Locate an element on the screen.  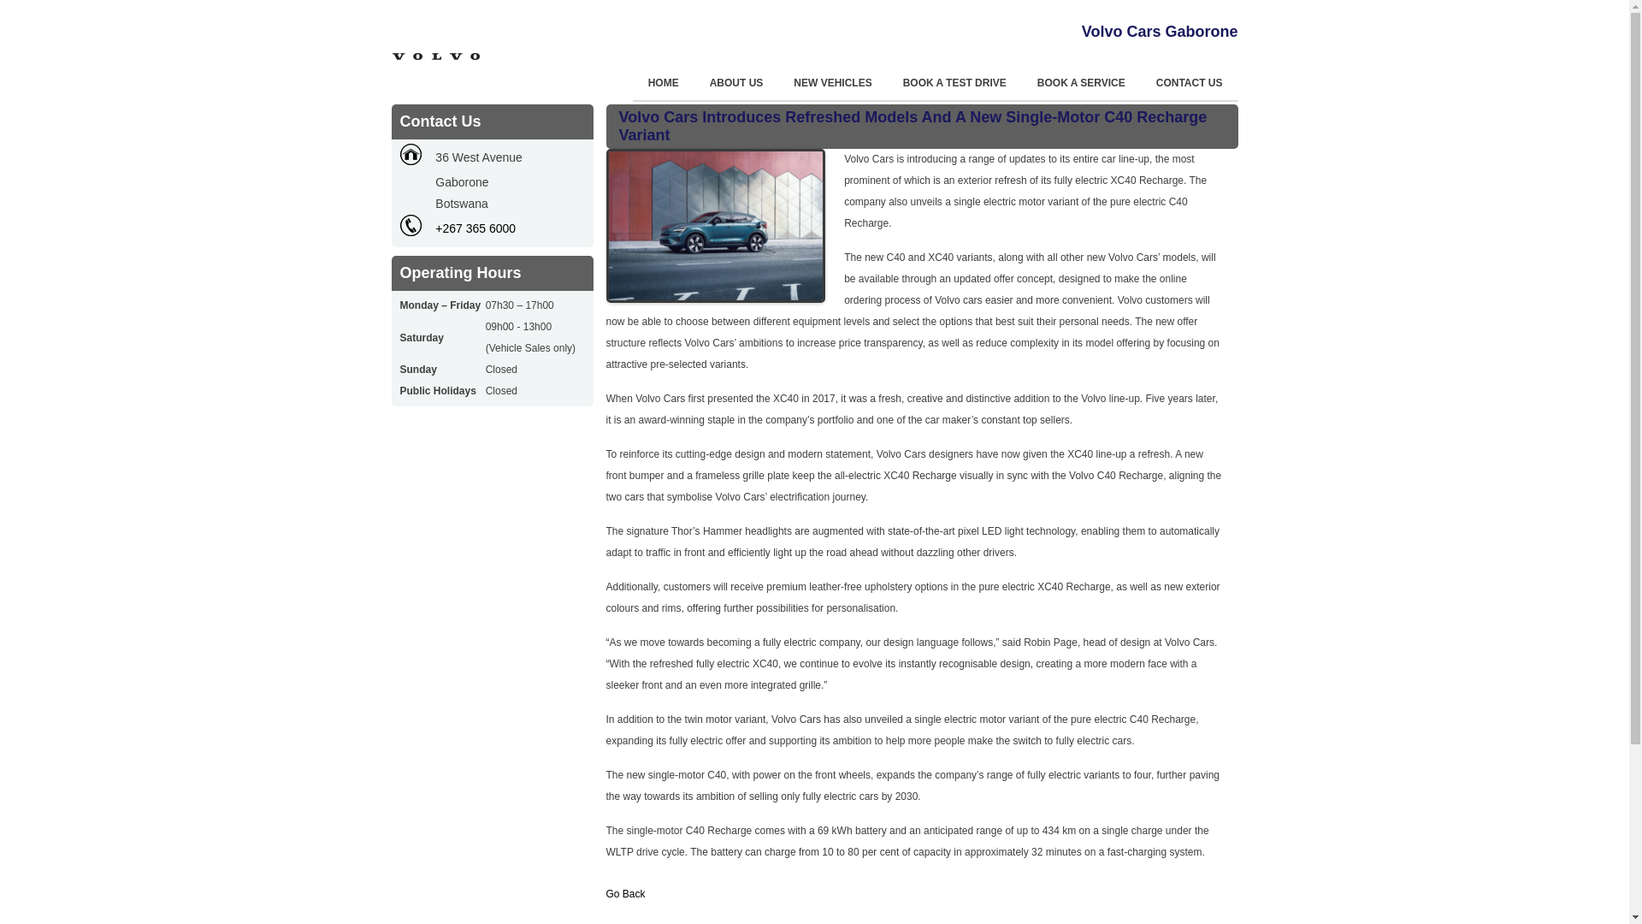
'HOME' is located at coordinates (663, 83).